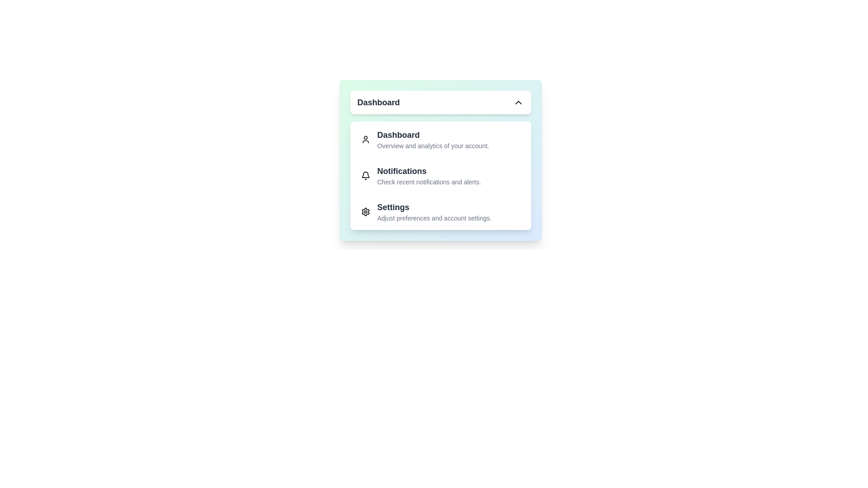  I want to click on the 'Settings' menu item to select it, so click(440, 212).